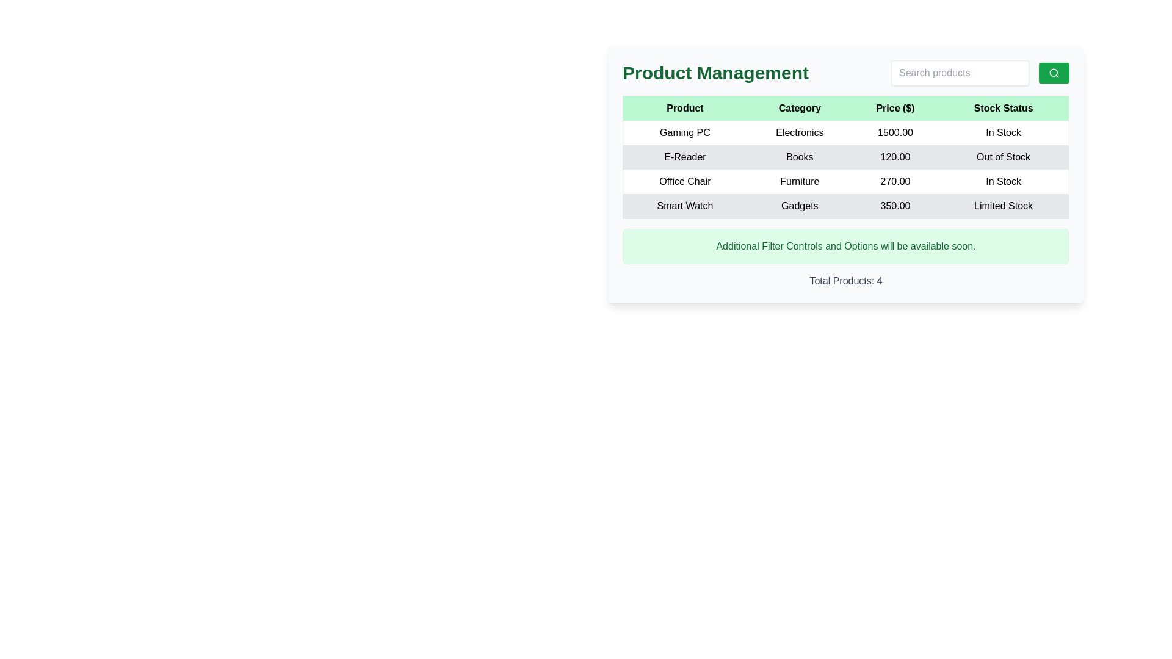 The image size is (1172, 659). Describe the element at coordinates (800, 157) in the screenshot. I see `the text label in the 'Category' column of the second row that indicates the product 'E-Reader' as 'Books'` at that location.